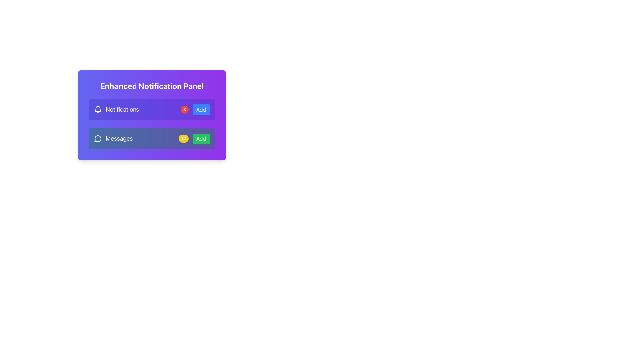  What do you see at coordinates (183, 138) in the screenshot?
I see `the yellow circular badge displaying the number '12' in white, bold font, located to the left of the green 'Add' button in the 'Messages' section` at bounding box center [183, 138].